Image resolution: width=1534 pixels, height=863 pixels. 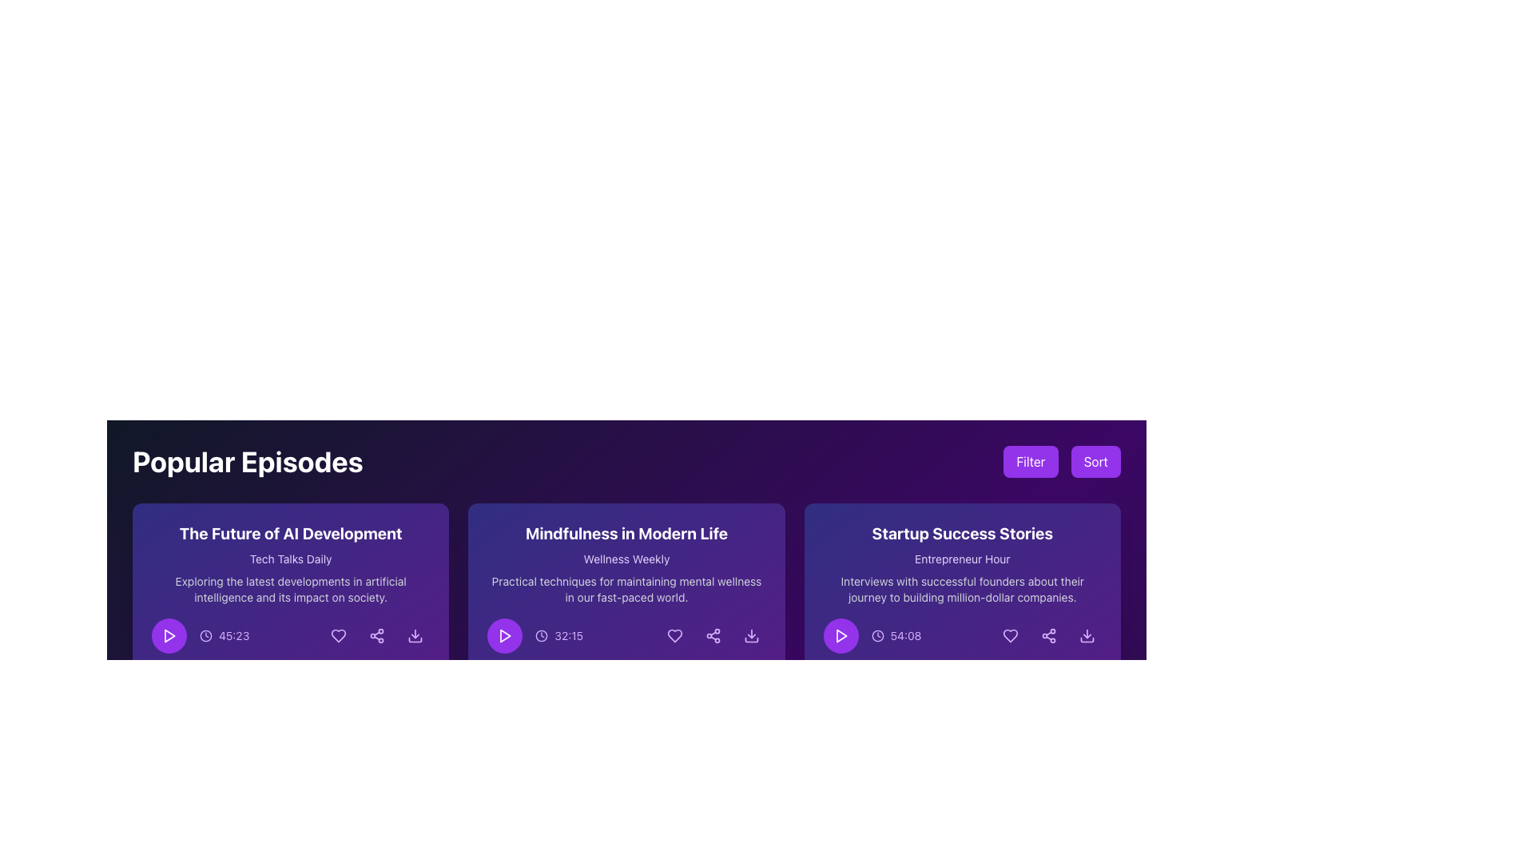 What do you see at coordinates (840, 634) in the screenshot?
I see `the playback button located at the bottom left corner of the 'Startup Success Stories' card` at bounding box center [840, 634].